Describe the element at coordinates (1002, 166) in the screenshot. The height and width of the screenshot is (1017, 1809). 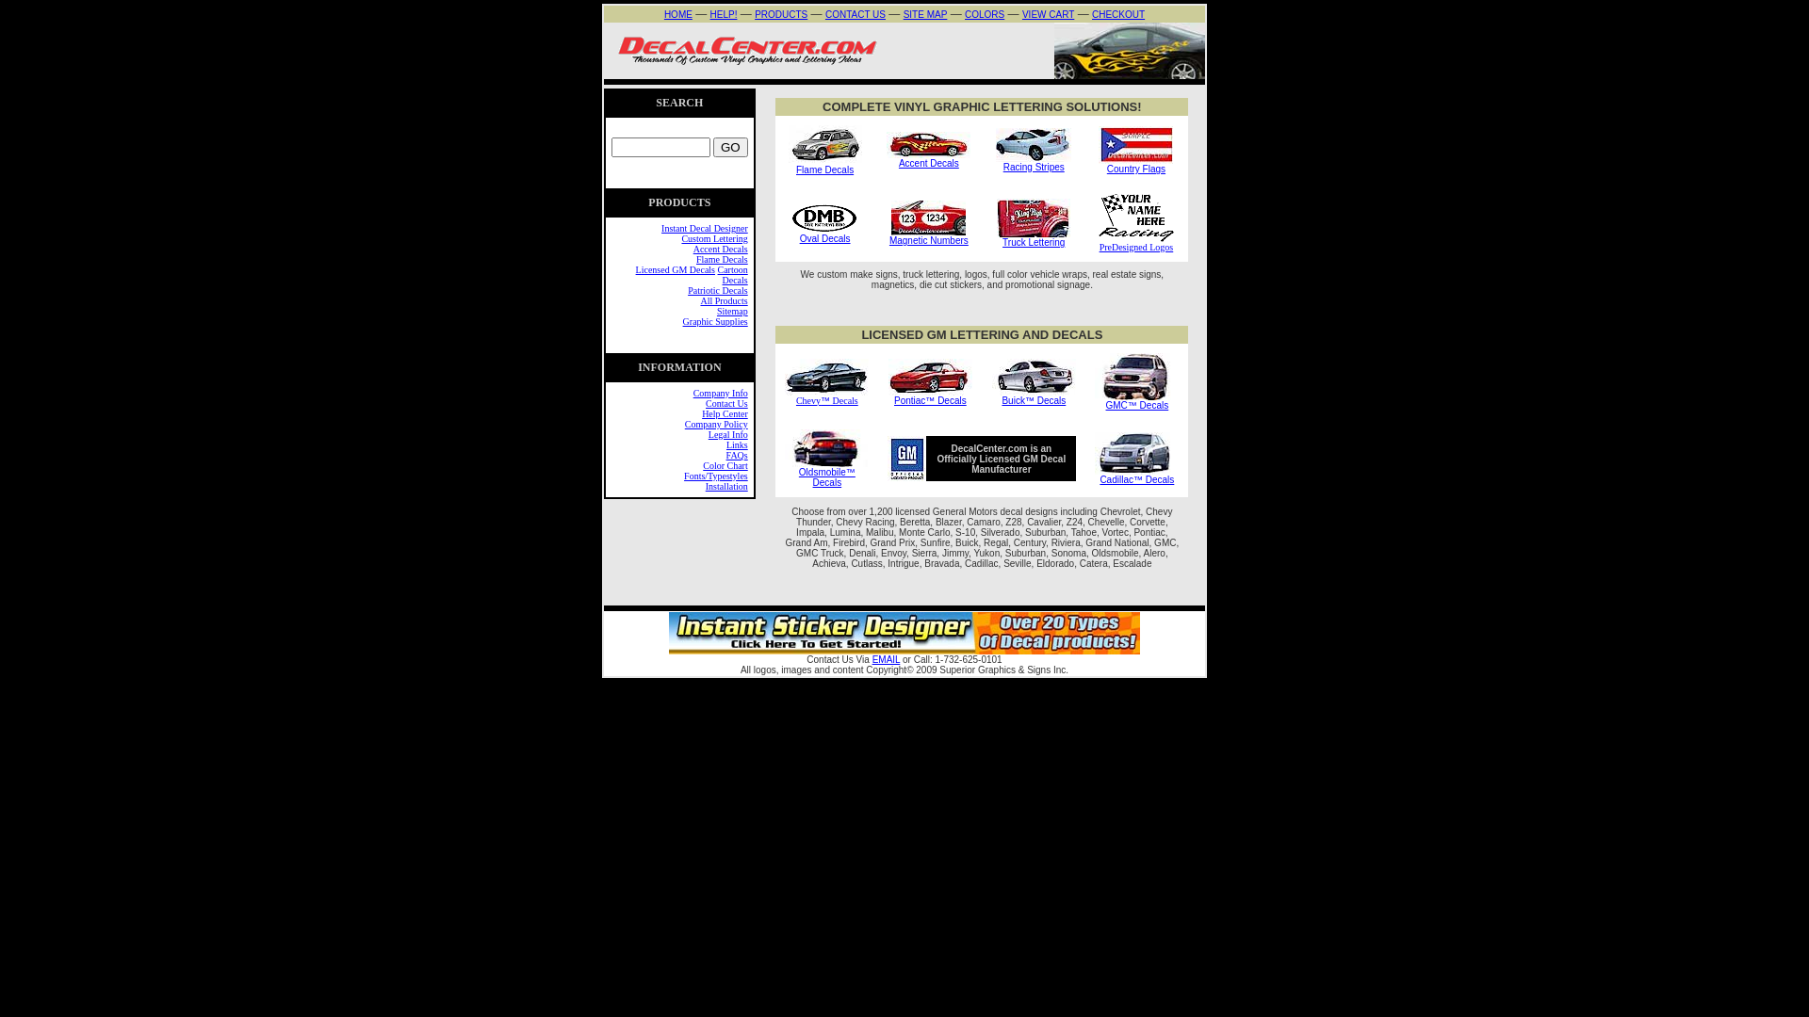
I see `'Racing Stripes'` at that location.